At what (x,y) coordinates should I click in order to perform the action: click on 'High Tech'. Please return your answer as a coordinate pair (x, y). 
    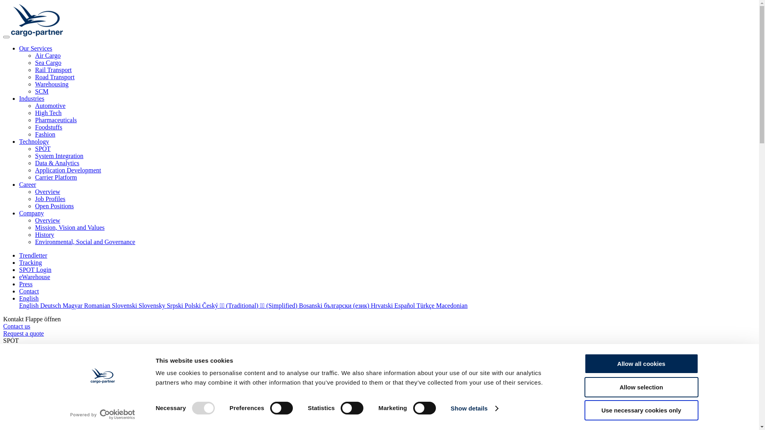
    Looking at the image, I should click on (48, 113).